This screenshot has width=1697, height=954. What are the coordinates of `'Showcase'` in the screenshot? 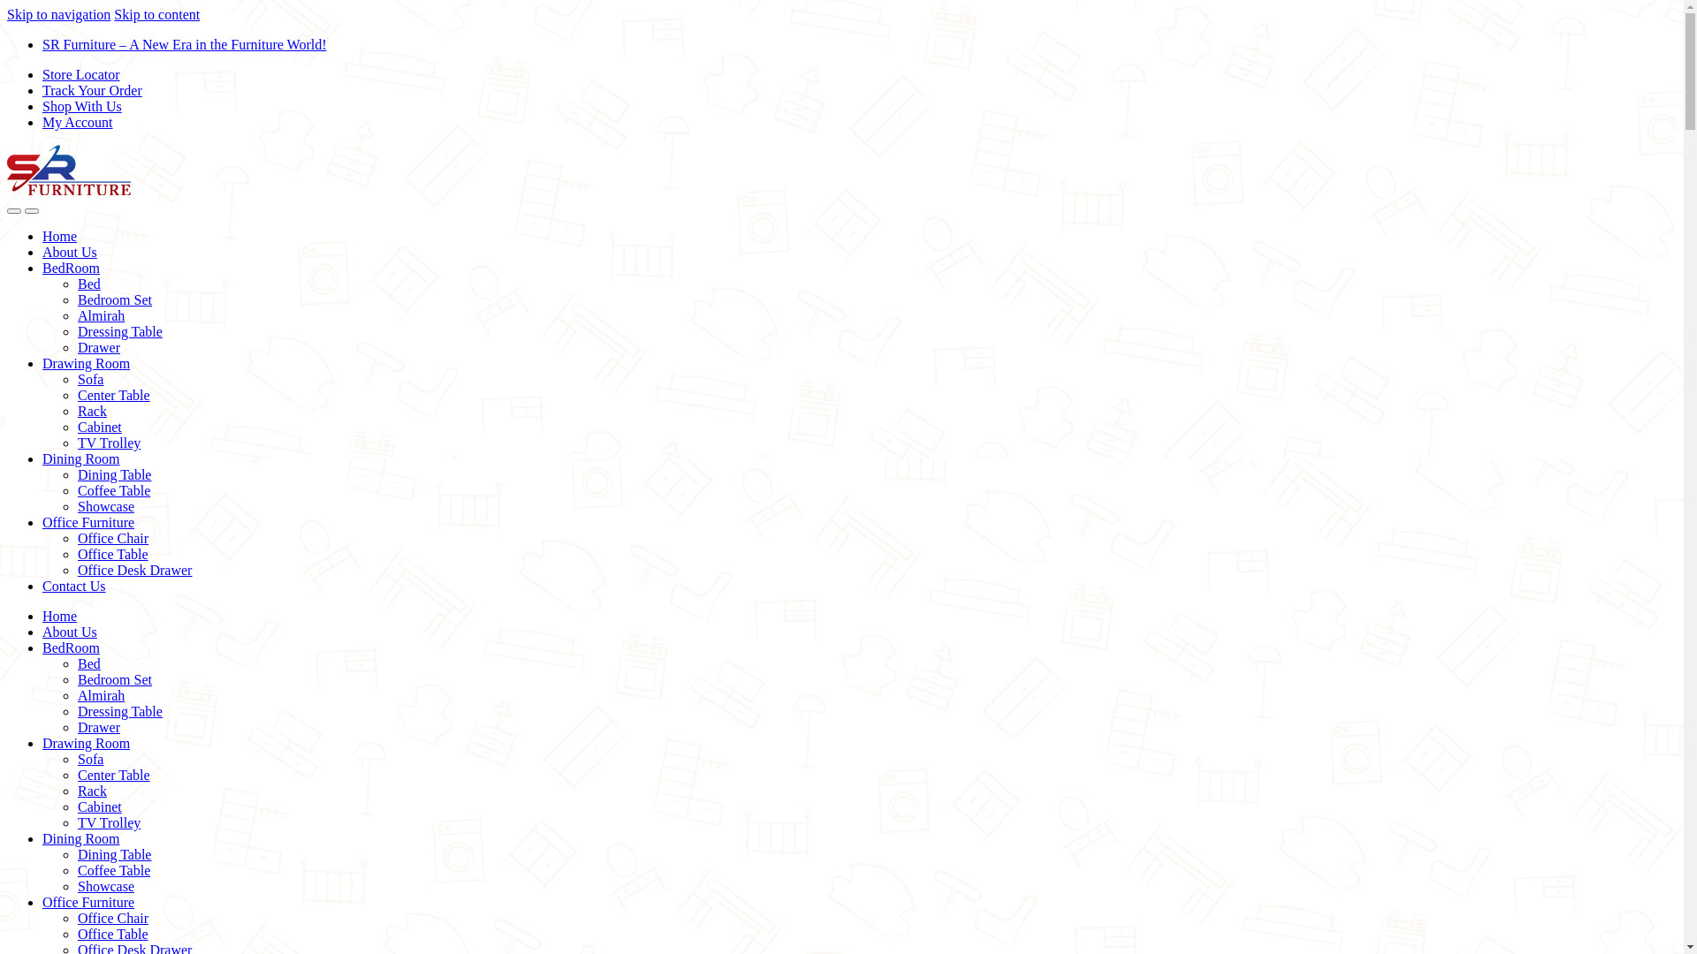 It's located at (105, 886).